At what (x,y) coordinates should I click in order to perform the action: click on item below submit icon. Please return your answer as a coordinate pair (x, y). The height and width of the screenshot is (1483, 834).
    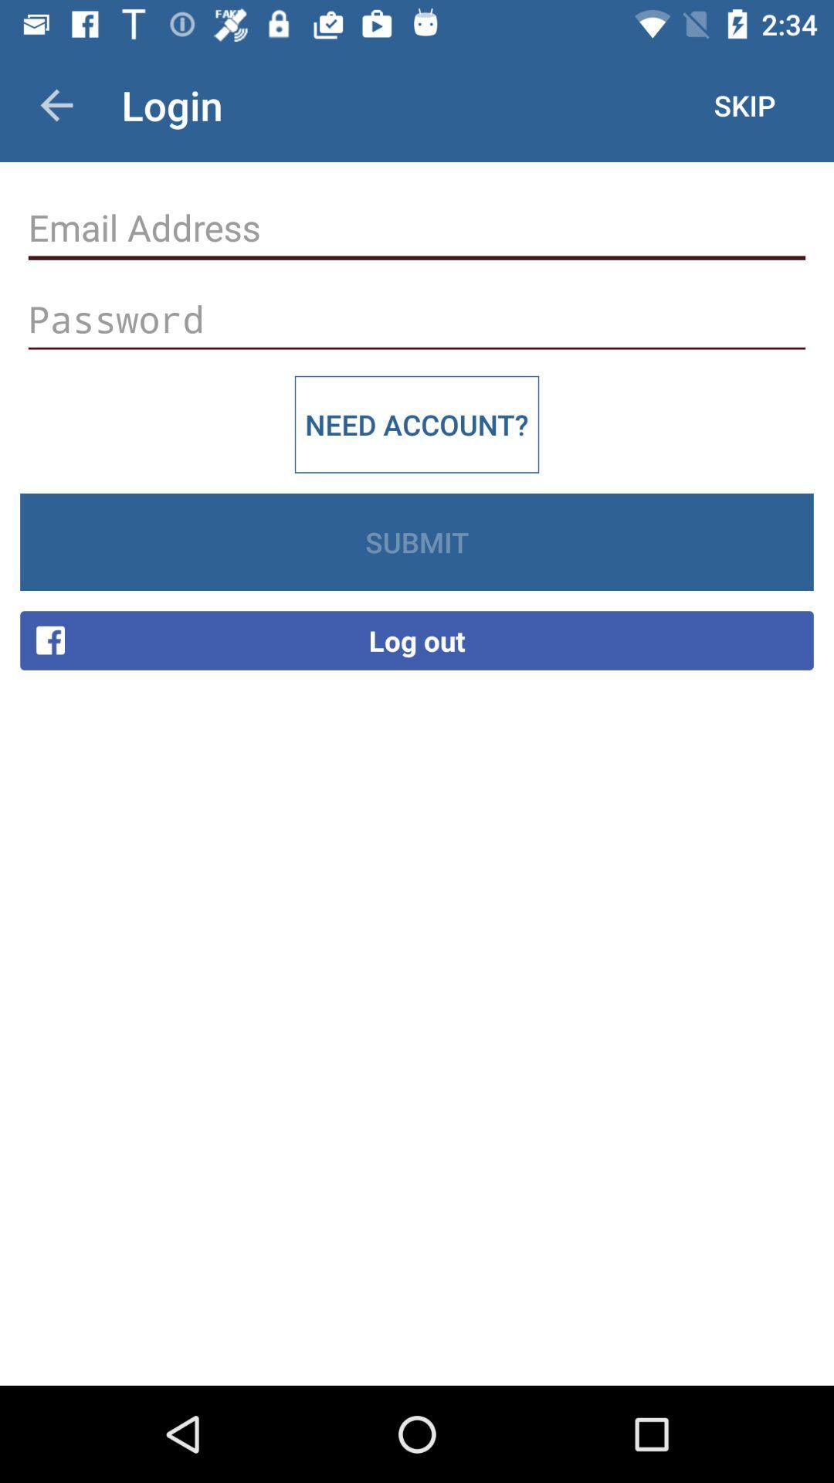
    Looking at the image, I should click on (417, 640).